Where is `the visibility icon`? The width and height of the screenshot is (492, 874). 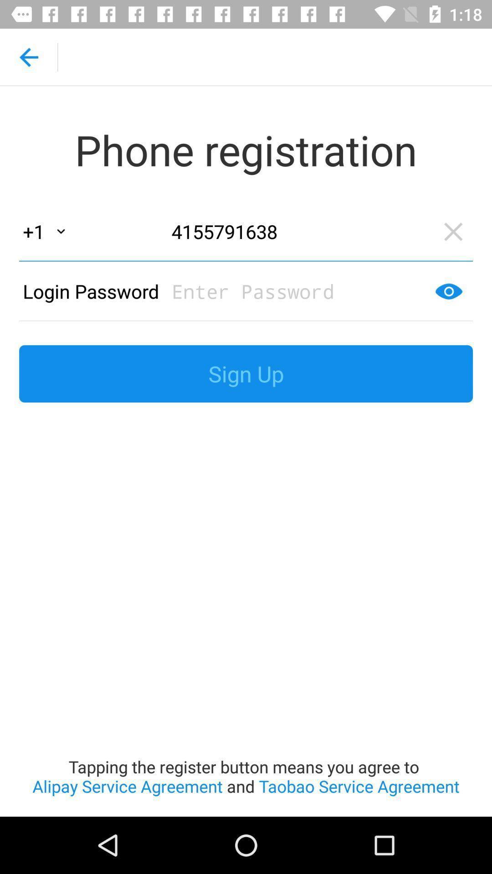
the visibility icon is located at coordinates (448, 291).